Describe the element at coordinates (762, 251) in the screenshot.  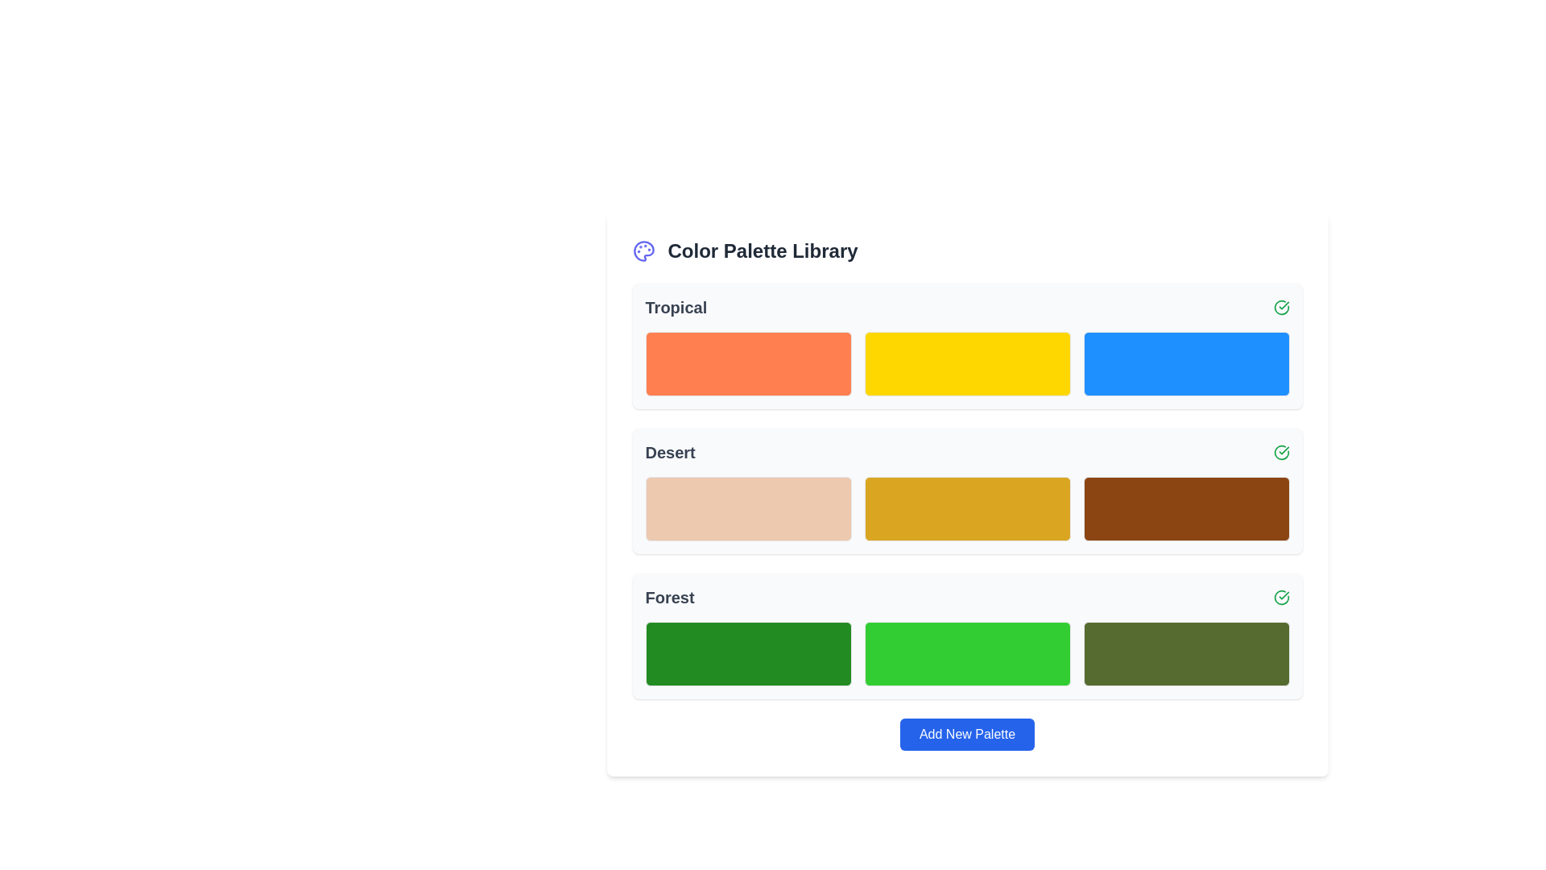
I see `the heading text element that says 'Color Palette Library', which is prominently displayed in a bold and large font at the top-left of the interface` at that location.